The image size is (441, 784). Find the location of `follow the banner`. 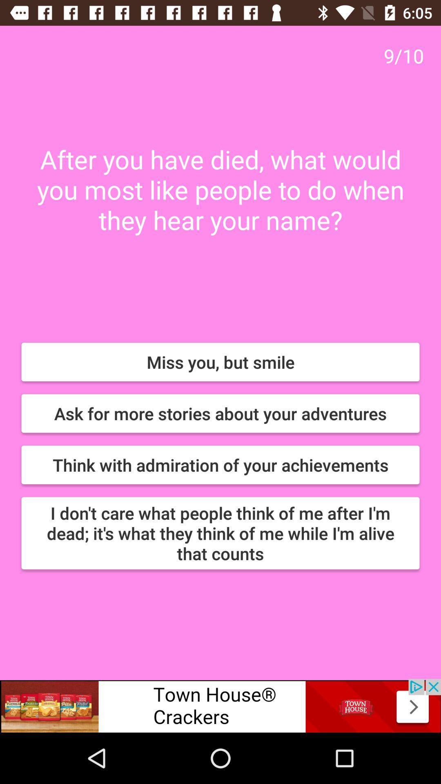

follow the banner is located at coordinates (220, 705).